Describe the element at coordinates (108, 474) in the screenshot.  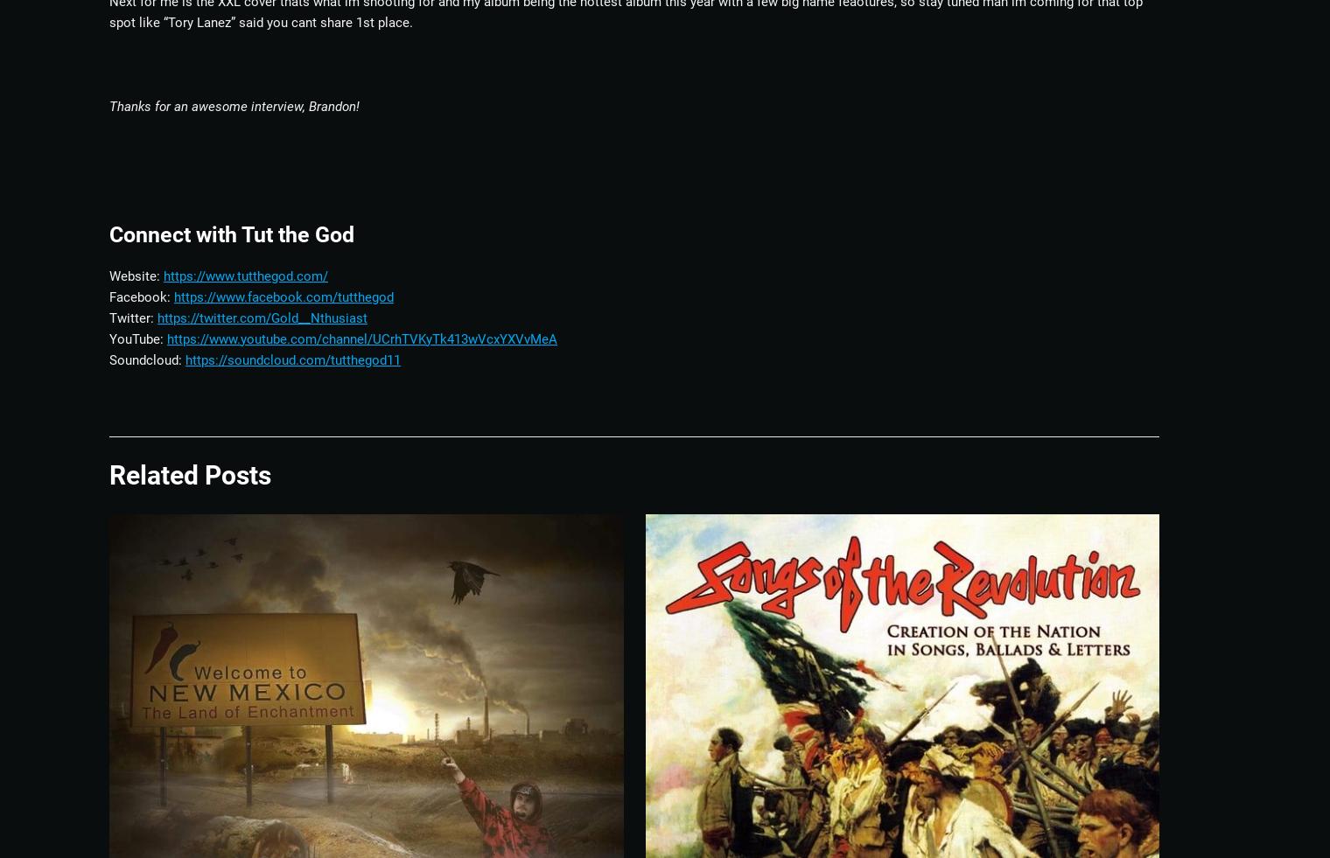
I see `'Related Posts'` at that location.